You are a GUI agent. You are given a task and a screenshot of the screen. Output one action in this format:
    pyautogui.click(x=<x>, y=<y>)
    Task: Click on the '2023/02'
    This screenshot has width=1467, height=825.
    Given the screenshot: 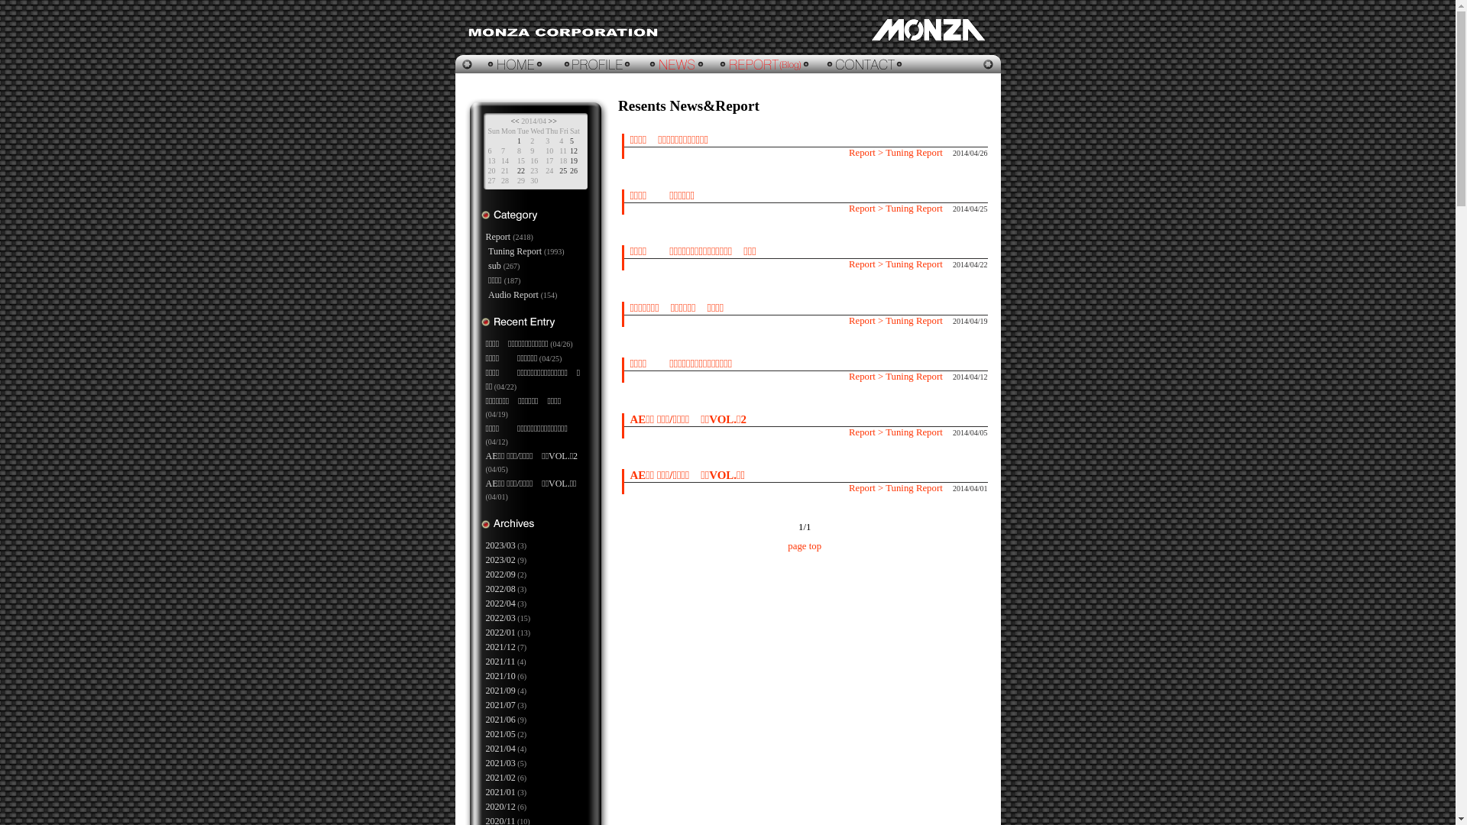 What is the action you would take?
    pyautogui.click(x=500, y=559)
    